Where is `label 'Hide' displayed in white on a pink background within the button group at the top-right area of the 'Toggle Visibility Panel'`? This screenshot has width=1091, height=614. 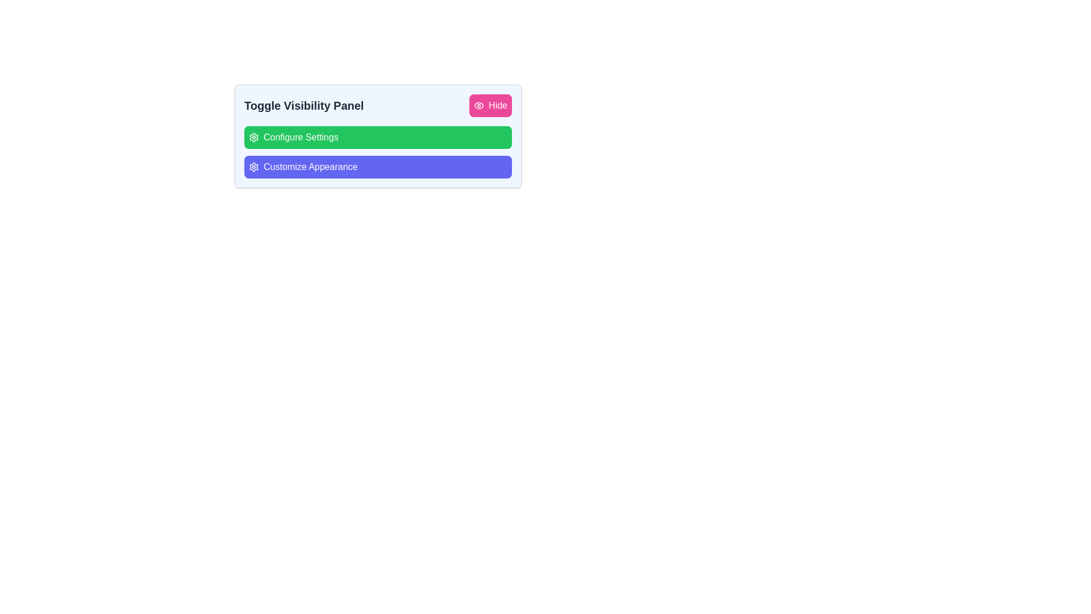
label 'Hide' displayed in white on a pink background within the button group at the top-right area of the 'Toggle Visibility Panel' is located at coordinates (498, 105).